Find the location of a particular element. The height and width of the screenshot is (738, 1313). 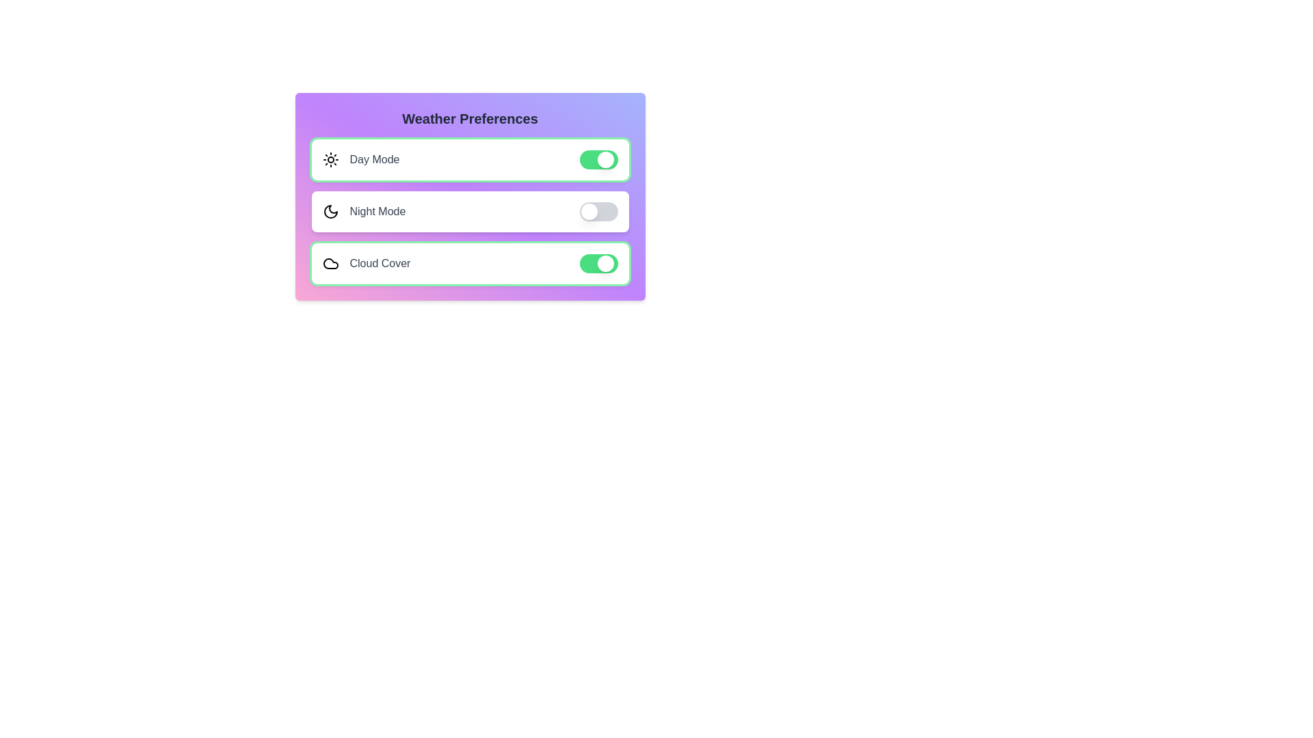

the text label corresponding to Night Mode to focus or select it is located at coordinates (377, 211).